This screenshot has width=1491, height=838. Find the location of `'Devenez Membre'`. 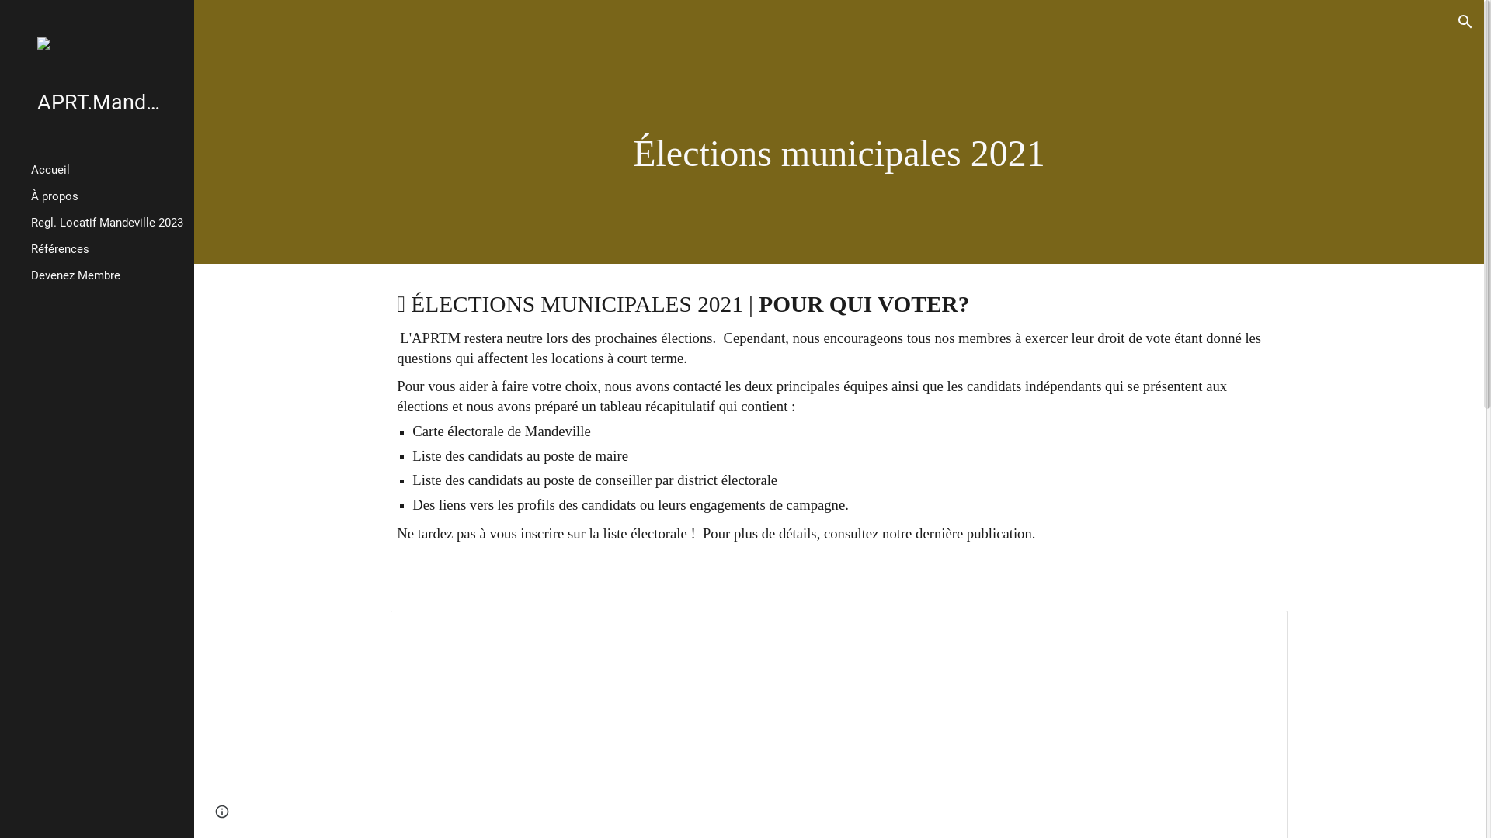

'Devenez Membre' is located at coordinates (106, 274).